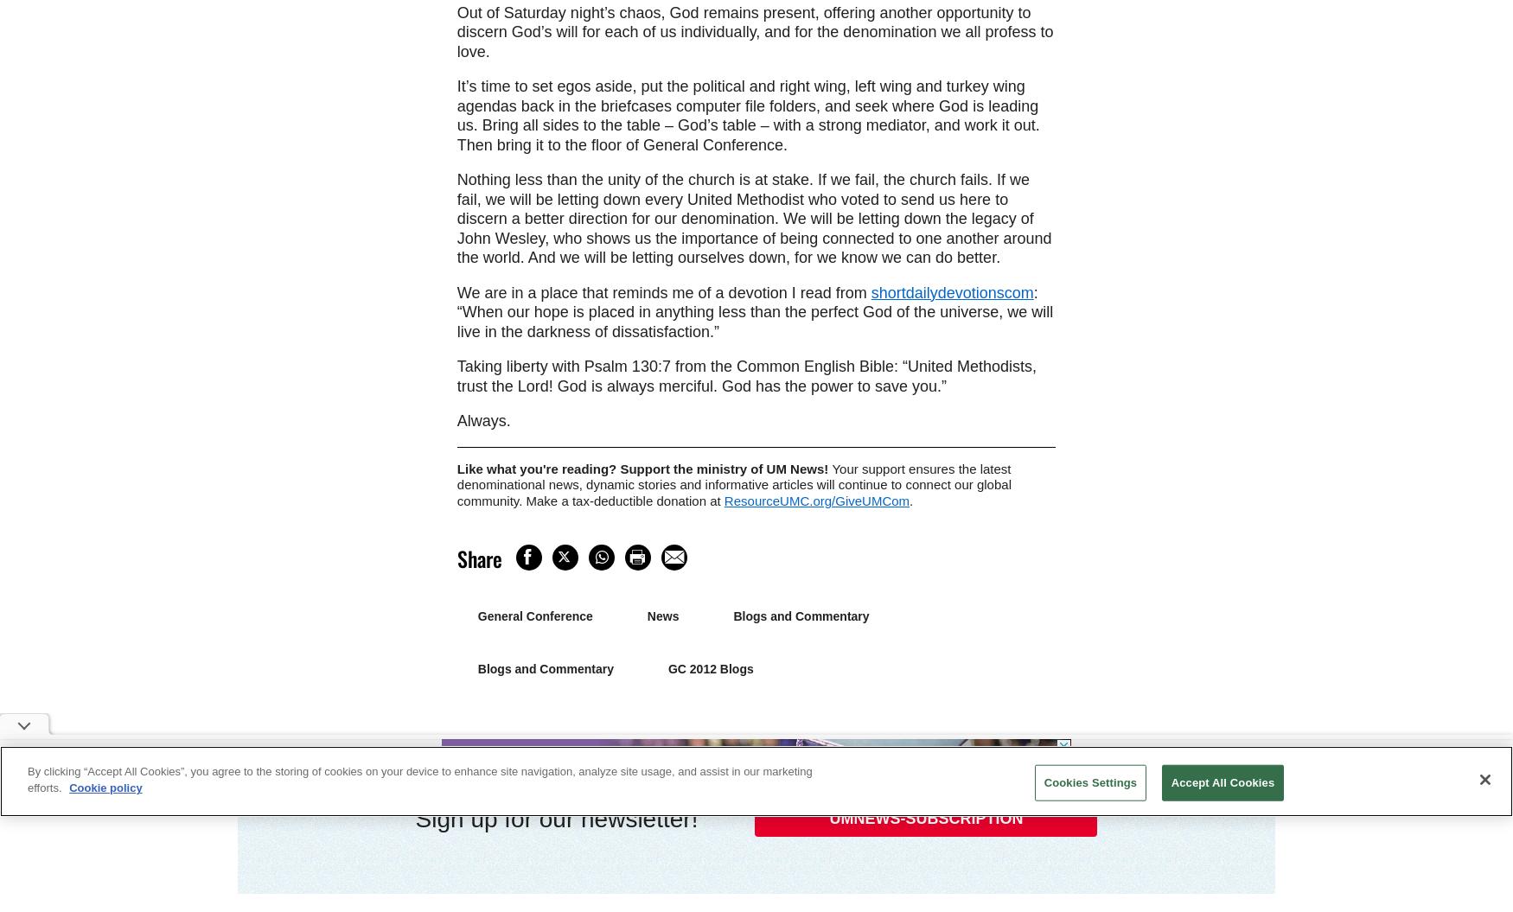 This screenshot has width=1513, height=912. I want to click on ': “When our hope is placed in anything less than the perfect God of the universe, we will live in the darkness of dissatisfaction.”', so click(755, 311).